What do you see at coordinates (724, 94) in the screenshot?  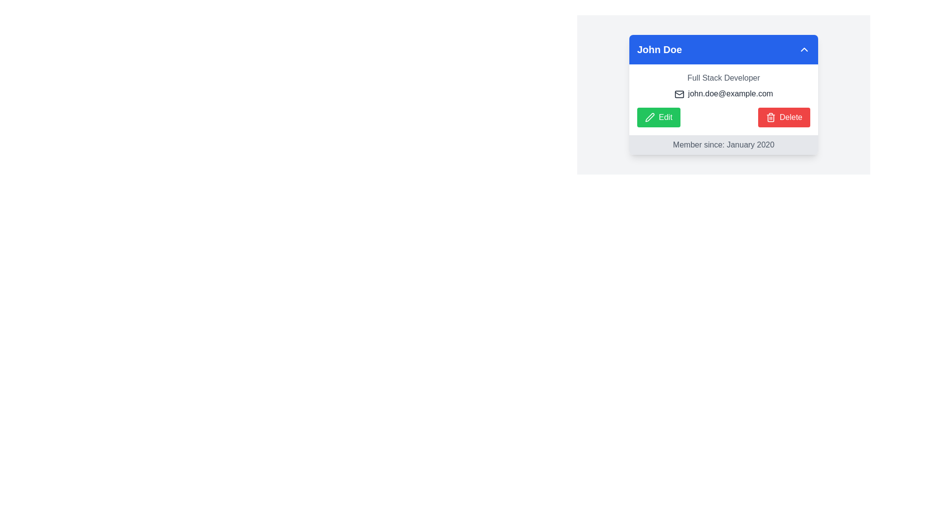 I see `the static text element displaying an email address, which is styled in darker gray and located below 'Full Stack Developer' within the profile card` at bounding box center [724, 94].